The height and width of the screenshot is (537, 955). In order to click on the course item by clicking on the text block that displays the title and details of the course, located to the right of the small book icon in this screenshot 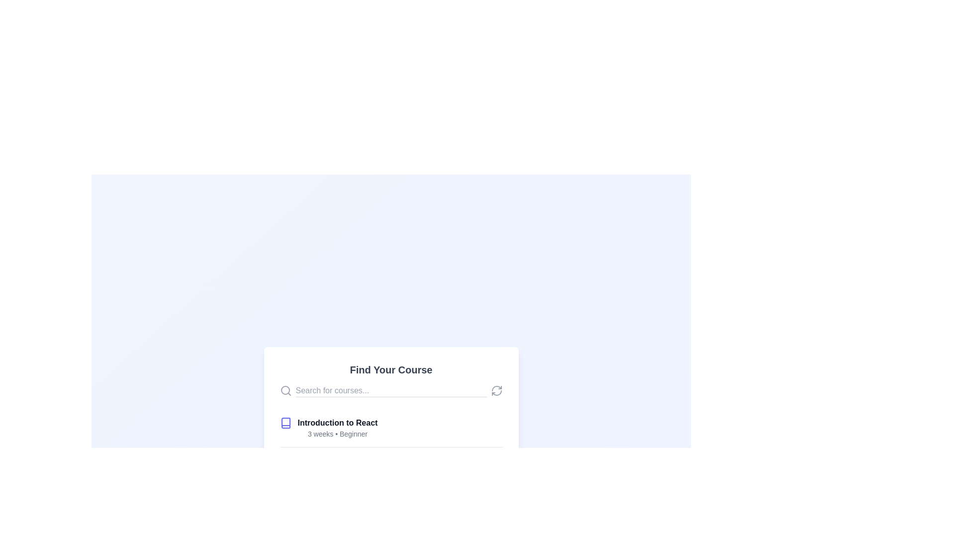, I will do `click(333, 504)`.